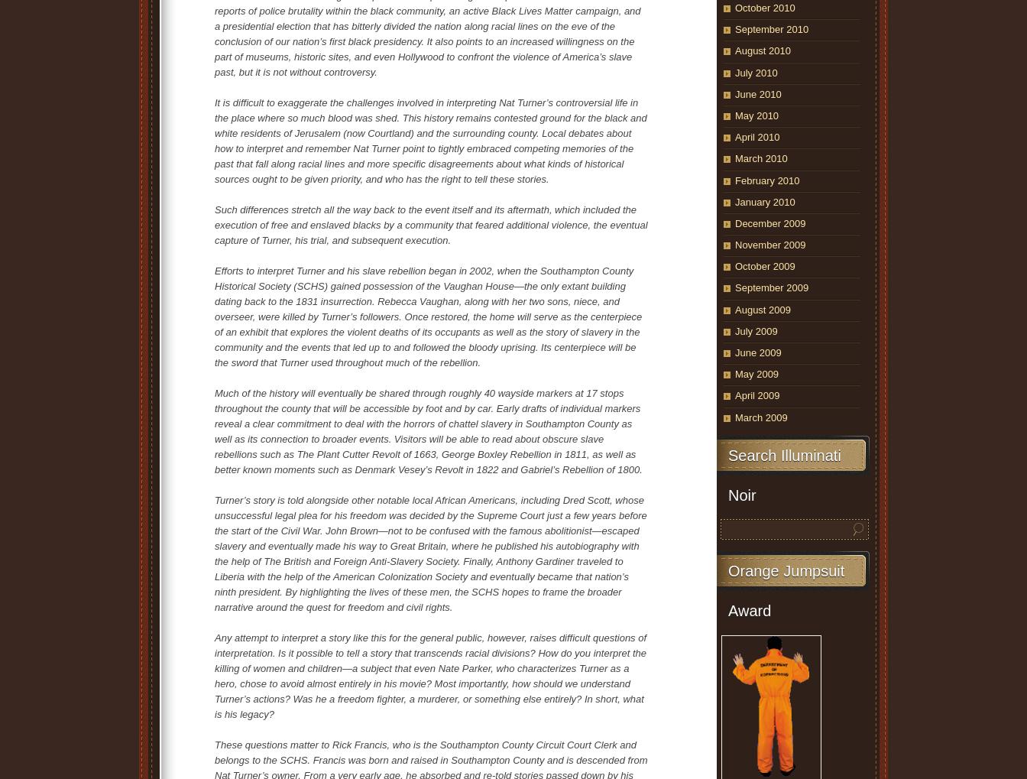  I want to click on 'Turner’s story is told alongside other notable local African Americans, including Dred Scott, whose unsuccessful legal plea for his freedom was decided by the Supreme Court just a few years before the start of the Civil War. John Brown—not to be confused with the famous abolitionist—escaped slavery and eventually made his way to Great Britain, where he published his autobiography with the help of The British and Foreign Anti-Slavery Society. Finally, Anthony Gardiner traveled to Liberia with the help of the American Colonization Society and eventually became that nation’s ninth president. By highlighting the lives of these men, the SCHS hopes to frame the broader narrative around the quest for freedom and civil rights.', so click(430, 553).